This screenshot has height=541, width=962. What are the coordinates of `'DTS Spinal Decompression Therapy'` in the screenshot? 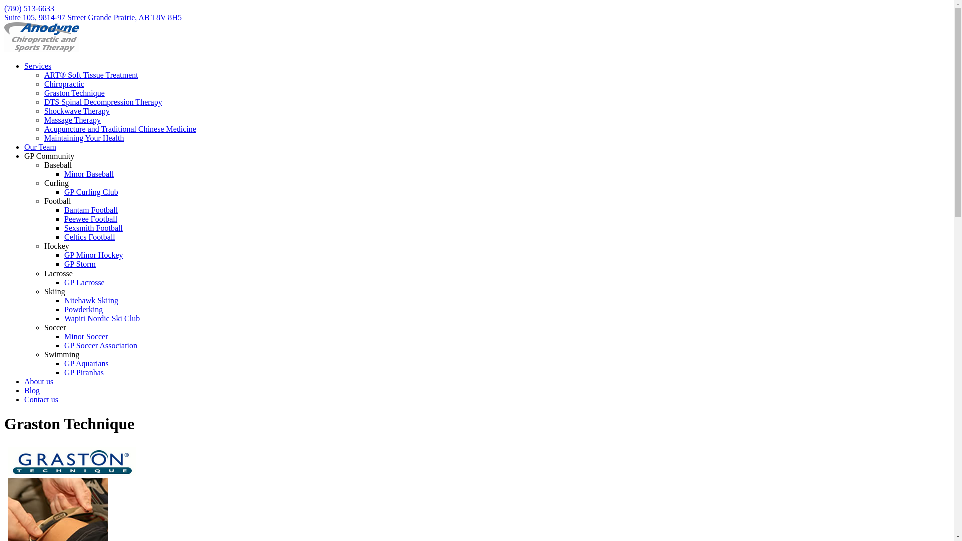 It's located at (43, 102).